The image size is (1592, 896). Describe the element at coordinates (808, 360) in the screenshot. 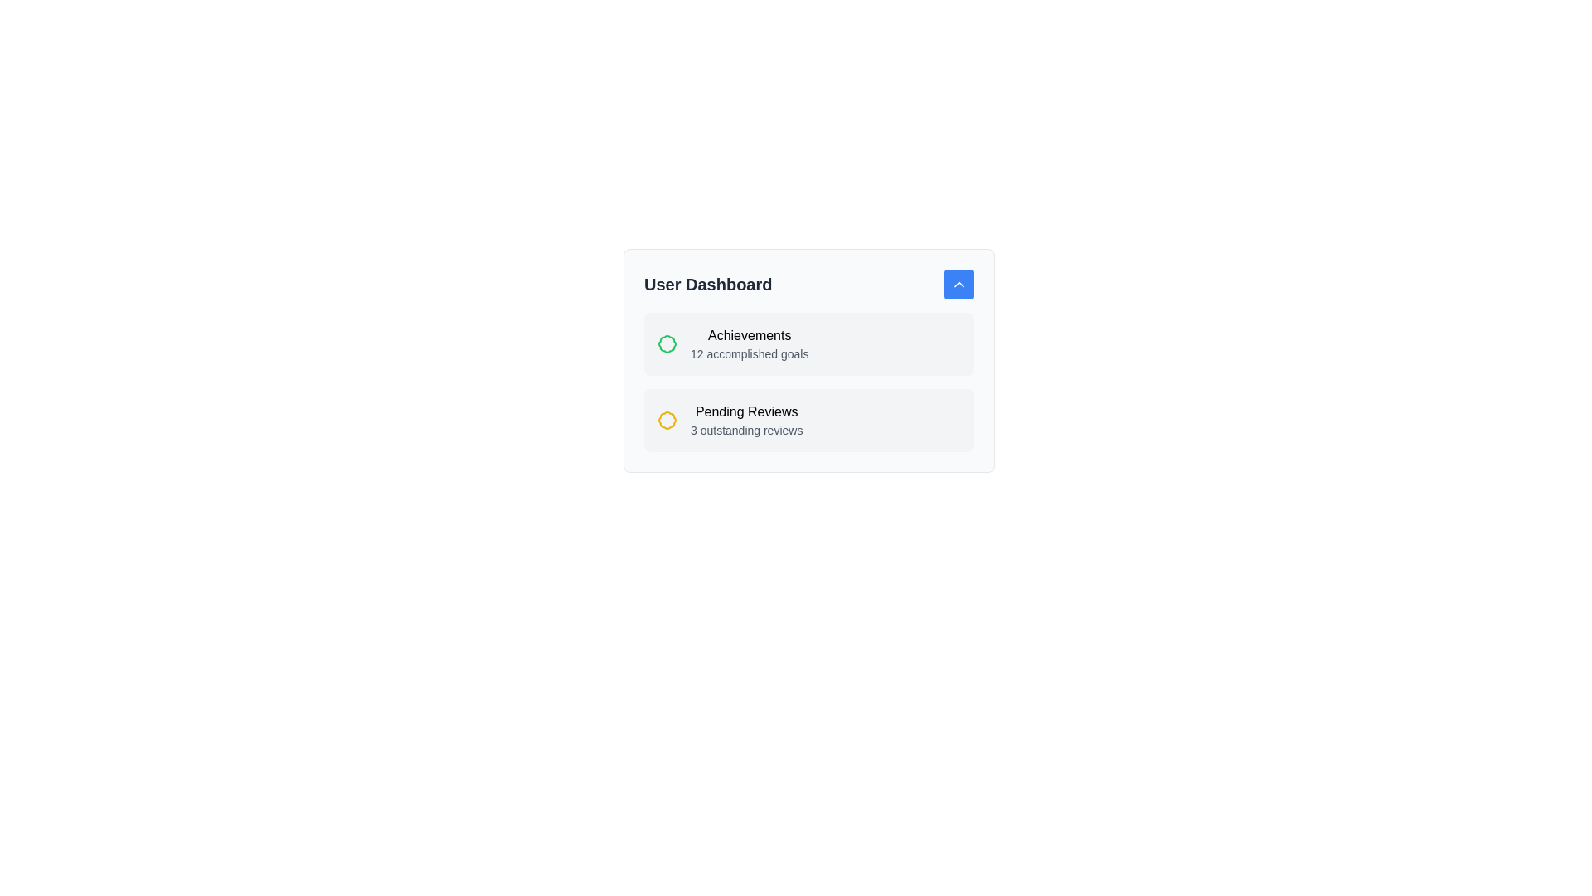

I see `the Informational panel displaying 'Achievements' and 'Pending Reviews' with rounded corners and a white background` at that location.